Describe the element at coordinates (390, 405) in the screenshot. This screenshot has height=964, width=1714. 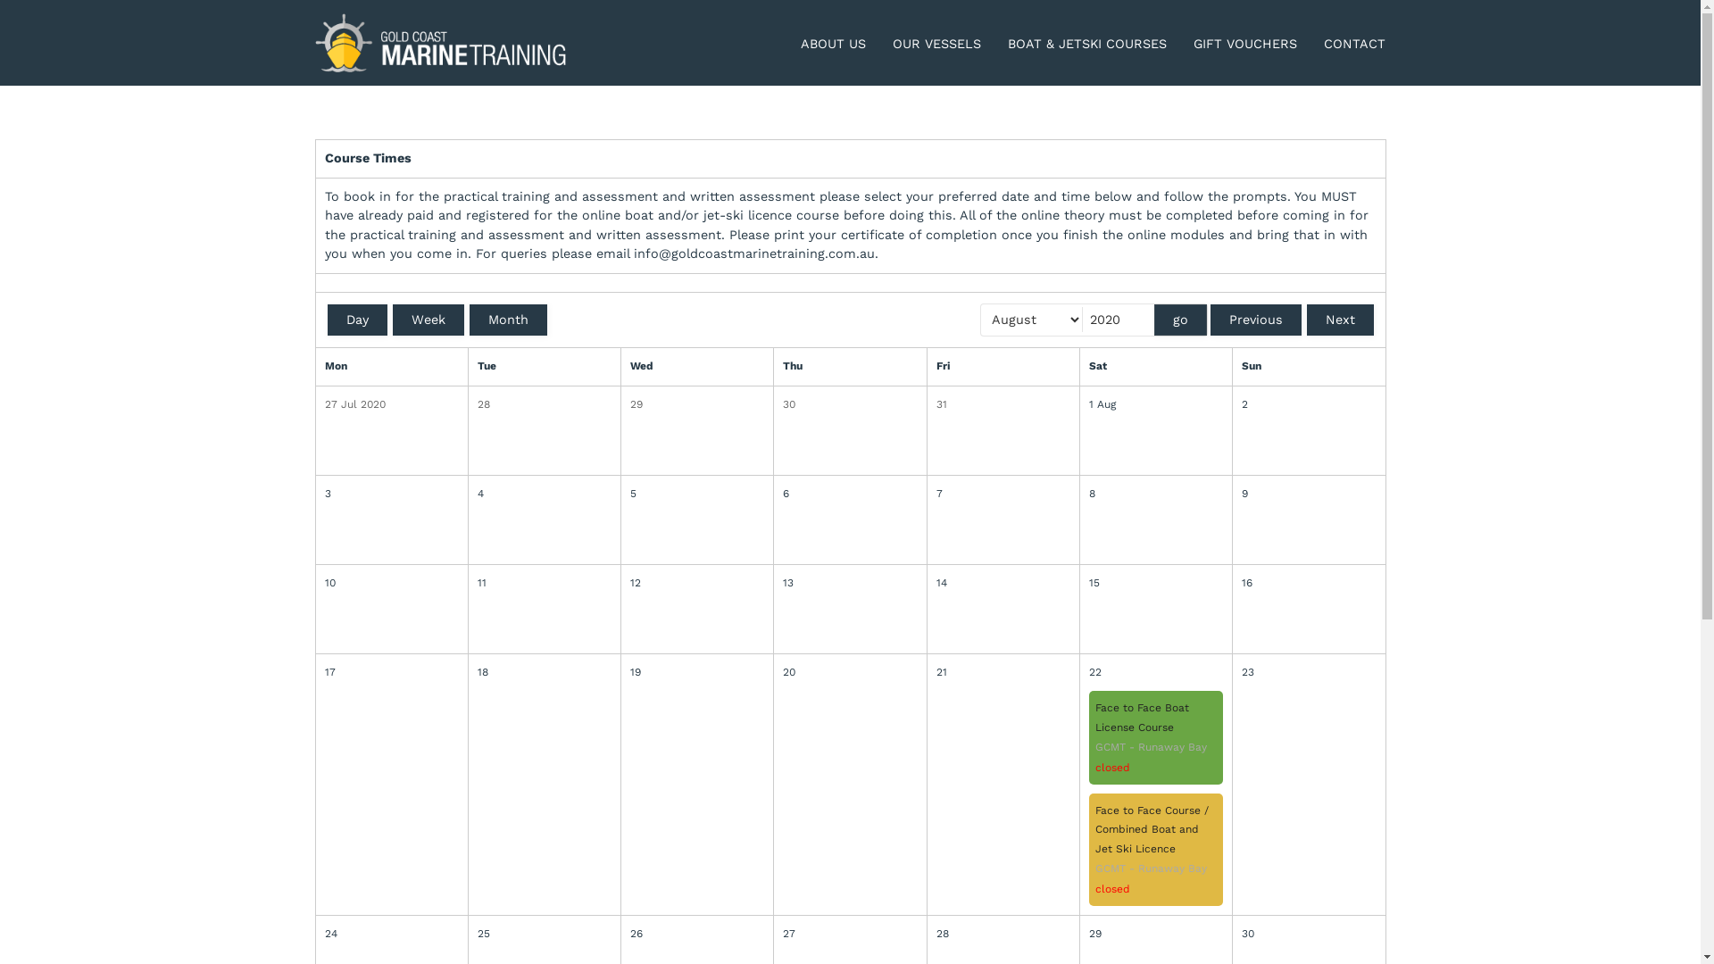
I see `'27 Jul 2020'` at that location.